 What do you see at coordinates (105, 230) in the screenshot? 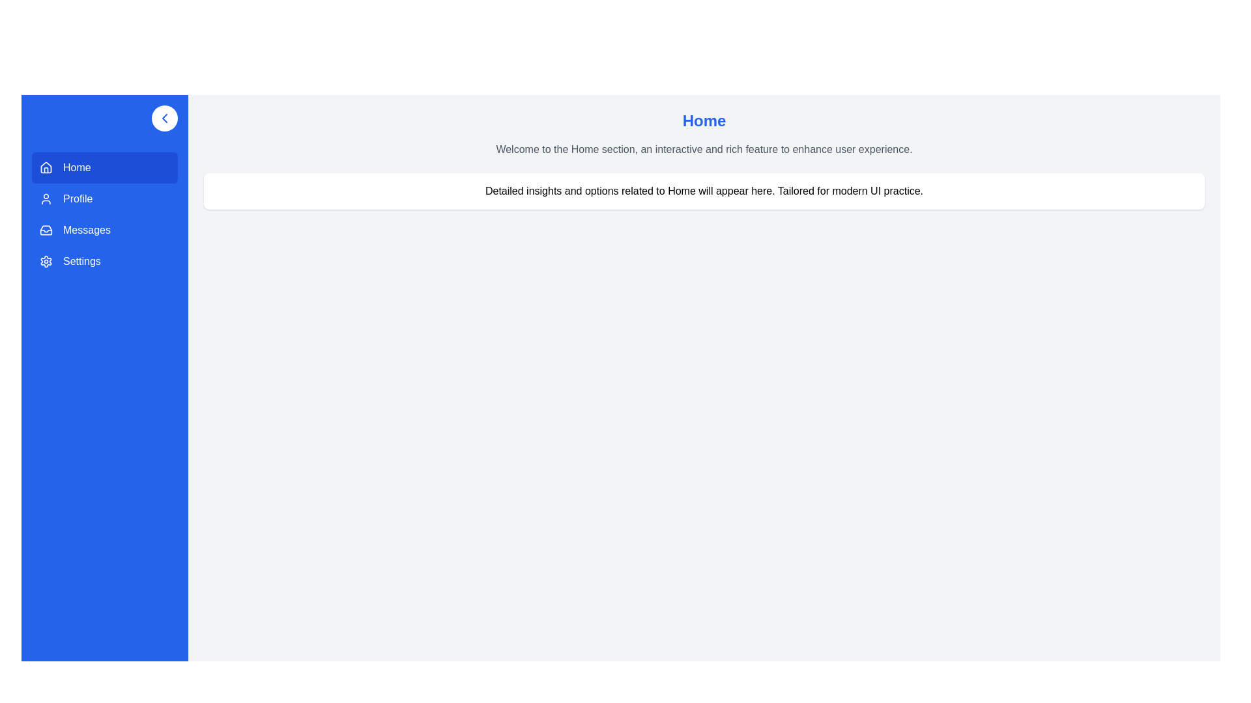
I see `the menu item Messages to navigate to its section` at bounding box center [105, 230].